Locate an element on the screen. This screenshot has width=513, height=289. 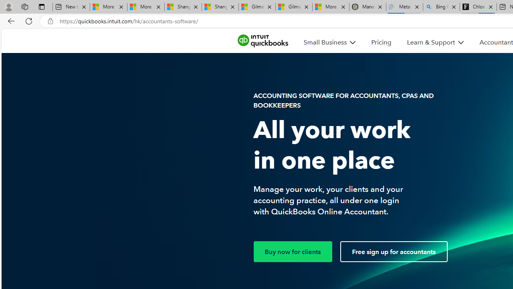
'Bing Real Estate - Home sales and rental listings' is located at coordinates (441, 7).